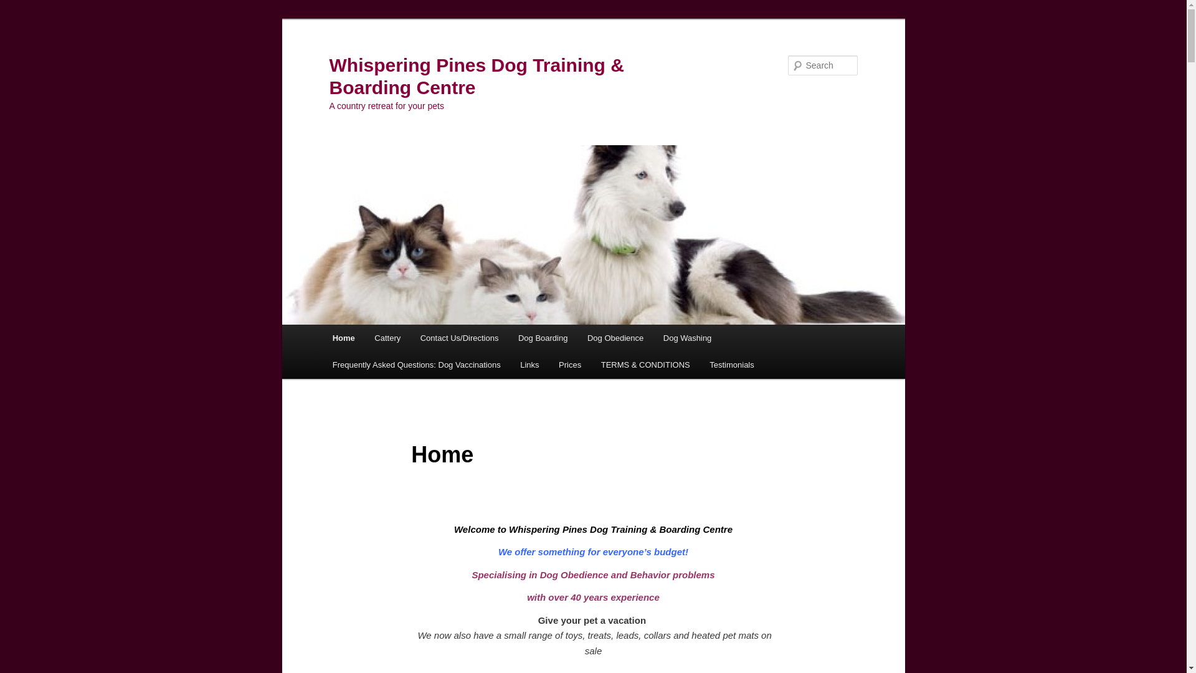  I want to click on 'Dog Obedience', so click(615, 338).